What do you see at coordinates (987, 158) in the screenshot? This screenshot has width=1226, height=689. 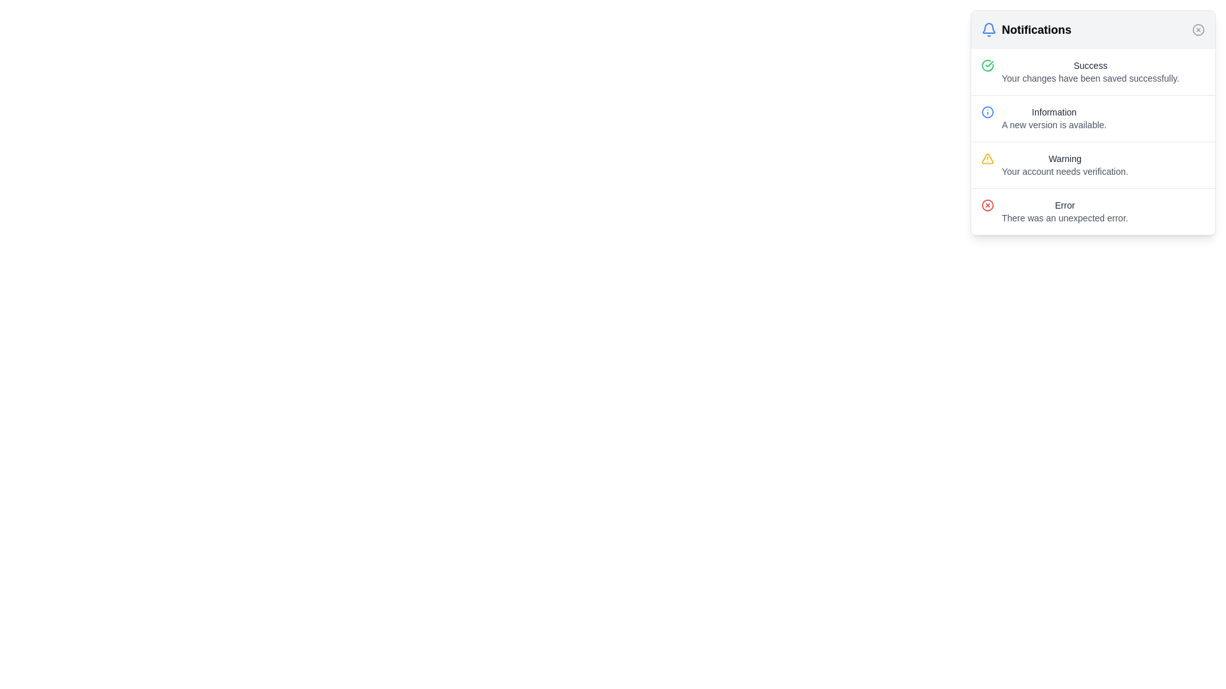 I see `the yellow triangular warning icon with a black border and a yellow exclamation mark, which is part of the 'Warning' notification adjacent to 'Your account needs verification.'` at bounding box center [987, 158].